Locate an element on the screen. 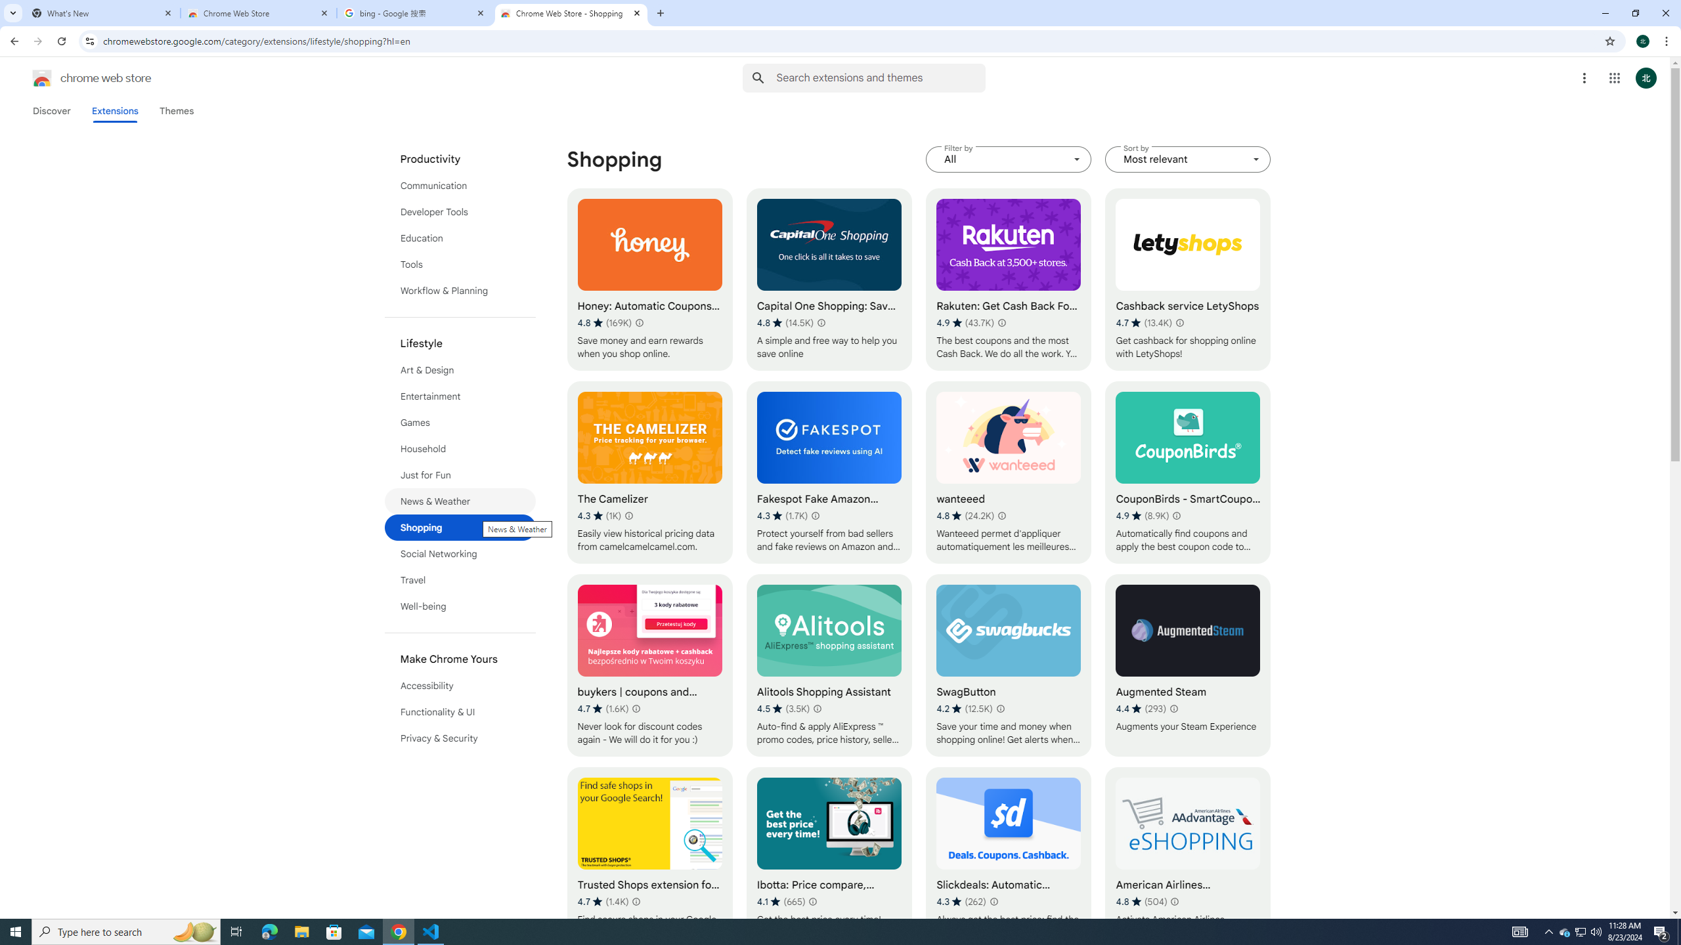 The height and width of the screenshot is (945, 1681). 'Entertainment' is located at coordinates (460, 396).